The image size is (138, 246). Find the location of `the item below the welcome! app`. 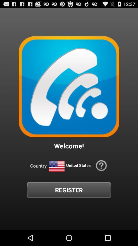

the item below the welcome! app is located at coordinates (56, 166).